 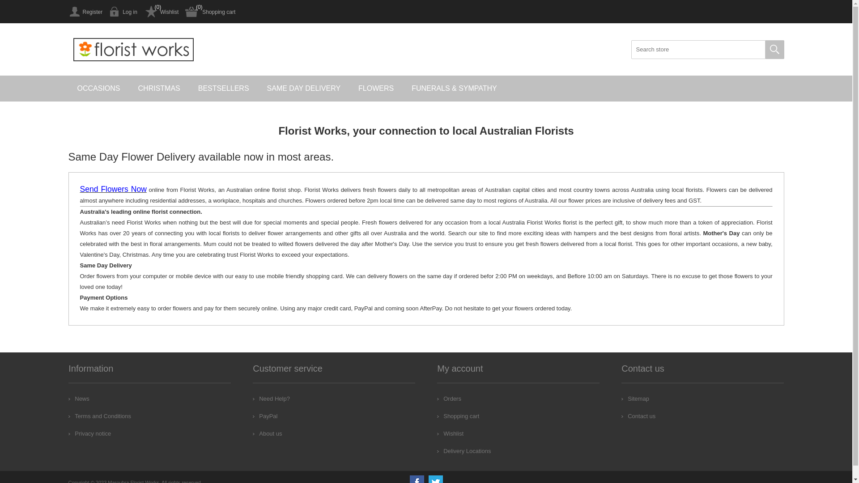 What do you see at coordinates (123, 12) in the screenshot?
I see `'Log in'` at bounding box center [123, 12].